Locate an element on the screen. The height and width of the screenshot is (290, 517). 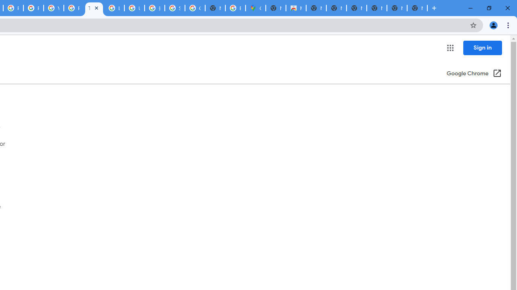
'New Tab' is located at coordinates (417, 8).